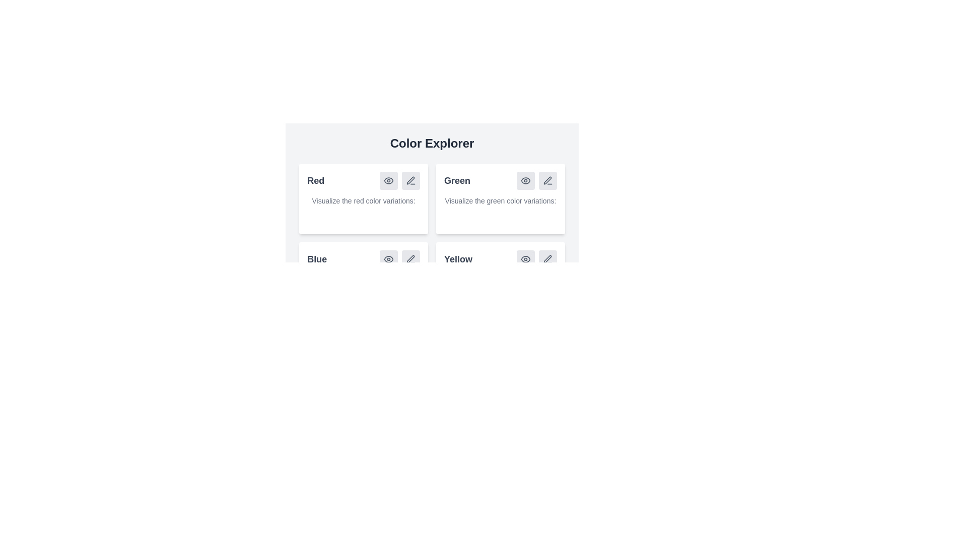 The height and width of the screenshot is (544, 967). I want to click on the compact, rounded rectangle button with a light gray background and an eye-shaped icon located in the lower-left corner of the 'Blue' color card section, so click(388, 259).